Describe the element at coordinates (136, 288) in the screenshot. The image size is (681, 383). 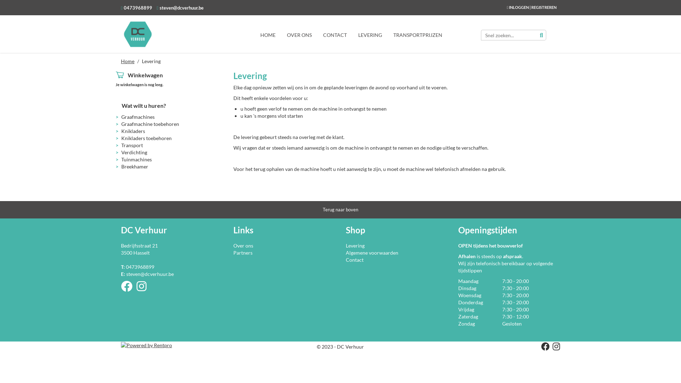
I see `'Instagram'` at that location.